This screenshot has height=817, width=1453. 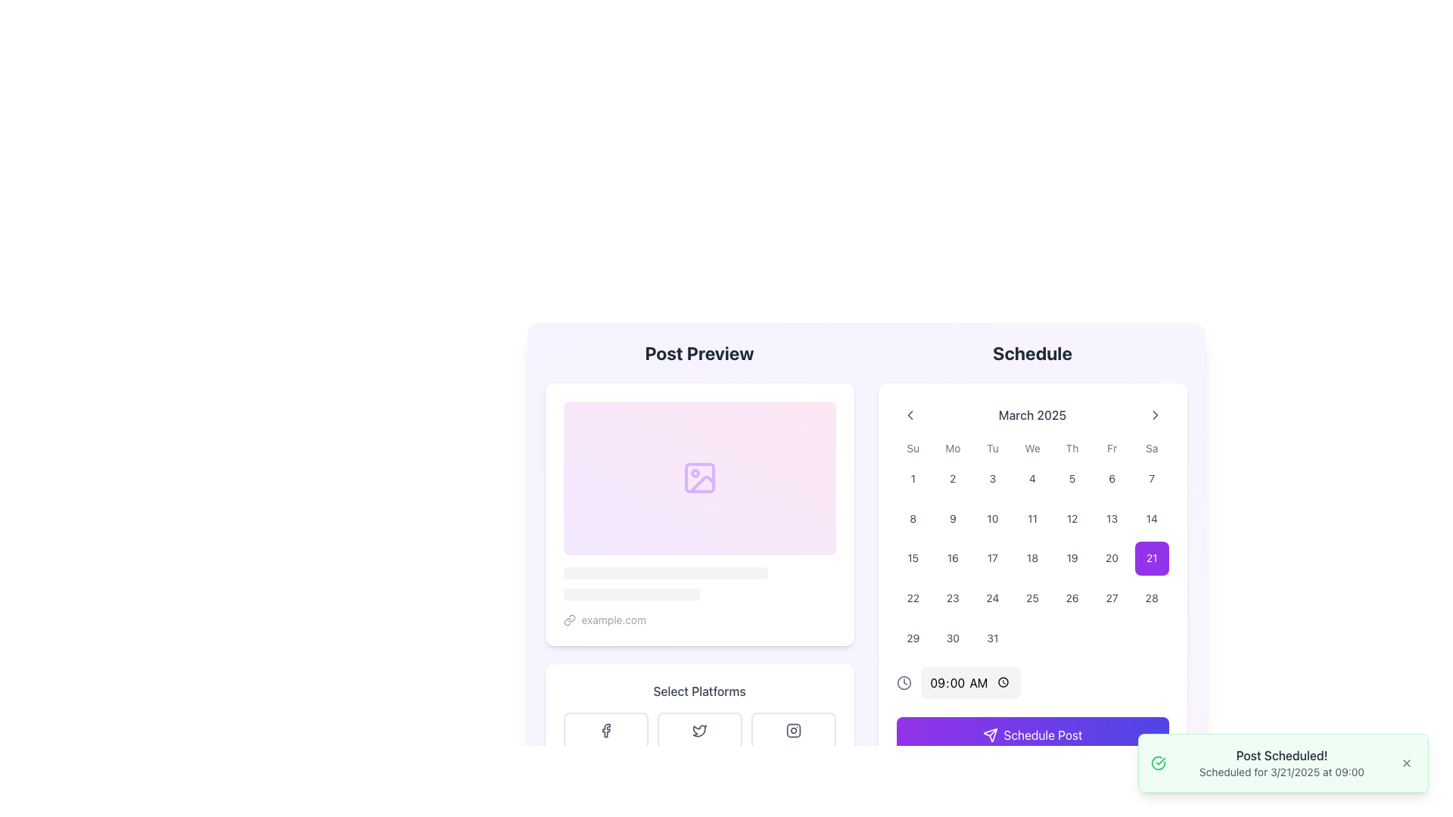 What do you see at coordinates (912, 479) in the screenshot?
I see `from the square button labeled '1' in the calendar grid` at bounding box center [912, 479].